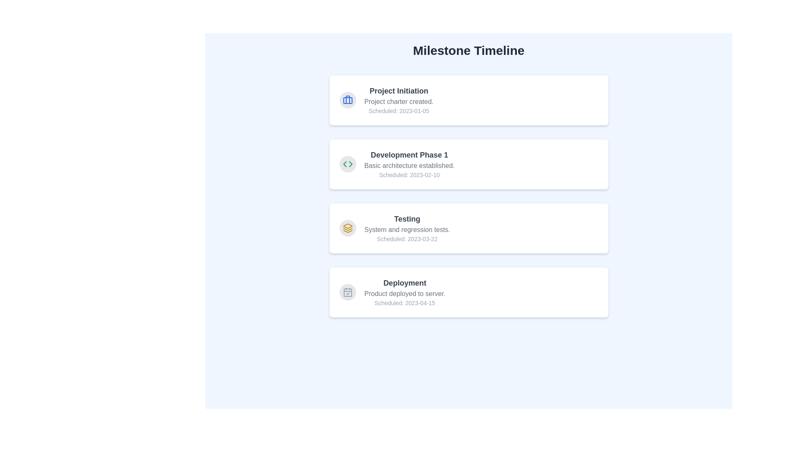 The image size is (799, 449). What do you see at coordinates (347, 291) in the screenshot?
I see `the rounded gray icon with a calendar symbol and checkmark, located to the left of the 'Deployment' card, which is the fourth card in the vertical stack of milestone cards` at bounding box center [347, 291].